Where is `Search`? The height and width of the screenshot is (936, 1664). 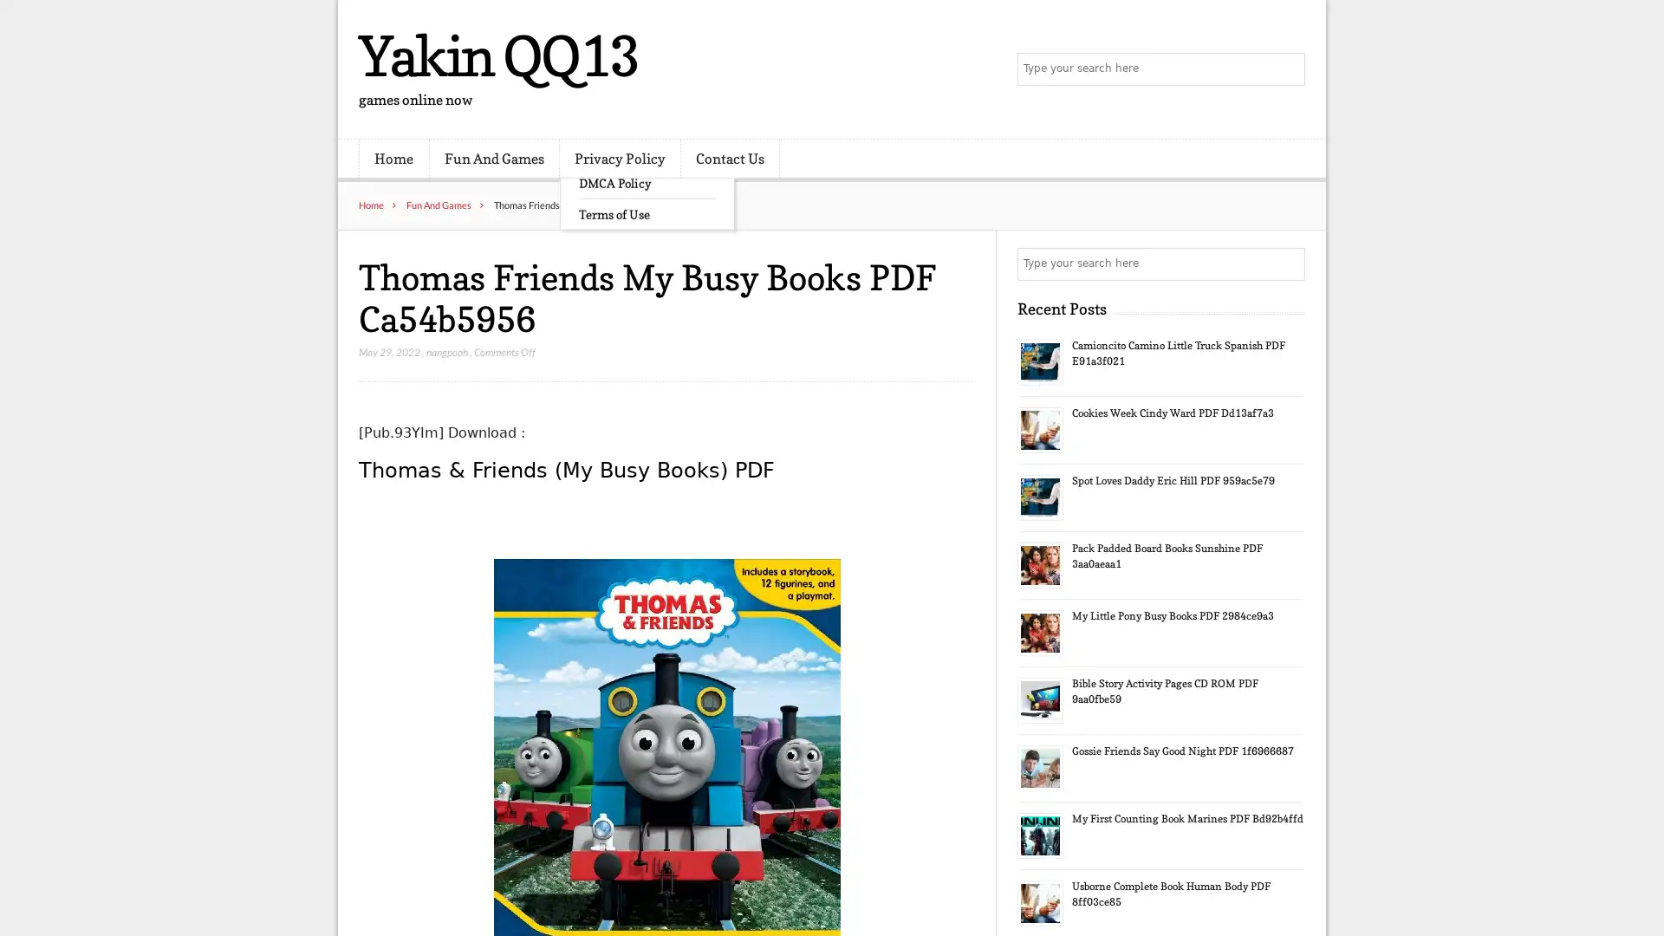
Search is located at coordinates (1287, 263).